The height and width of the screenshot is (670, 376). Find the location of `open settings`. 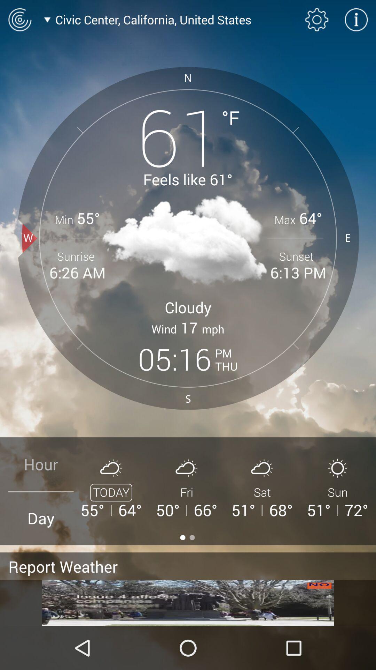

open settings is located at coordinates (317, 20).